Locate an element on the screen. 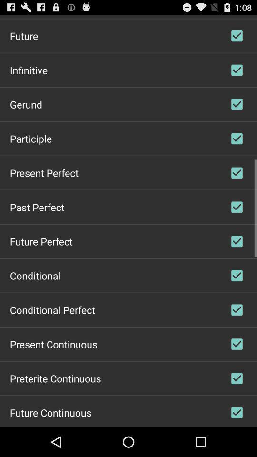 The image size is (257, 457). the conditional perfect is located at coordinates (52, 309).